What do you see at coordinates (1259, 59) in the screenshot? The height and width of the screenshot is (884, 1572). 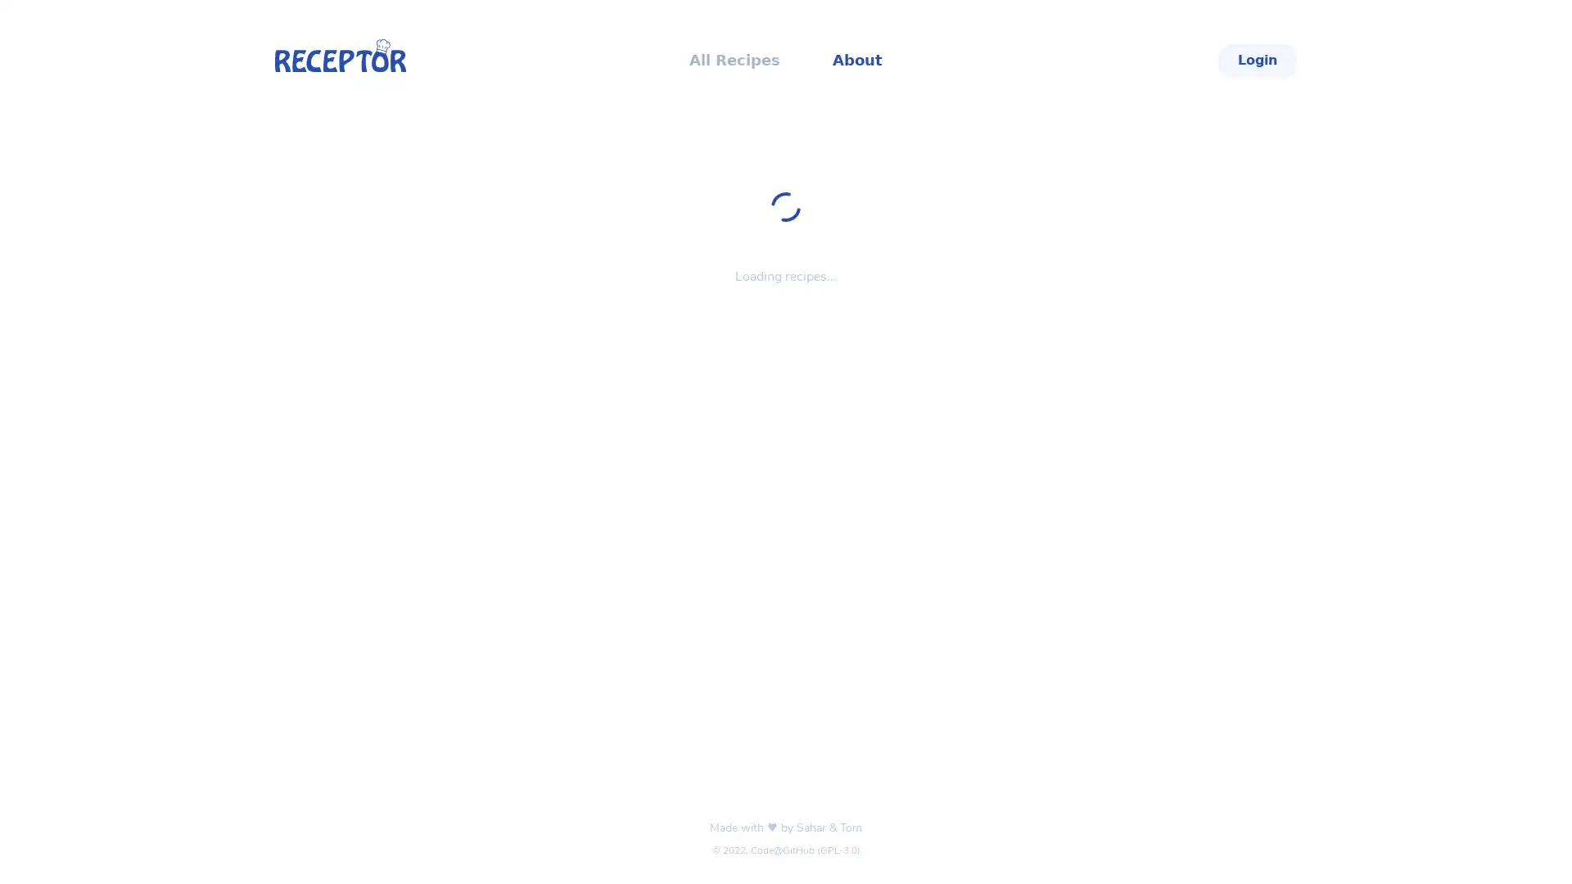 I see `Login` at bounding box center [1259, 59].